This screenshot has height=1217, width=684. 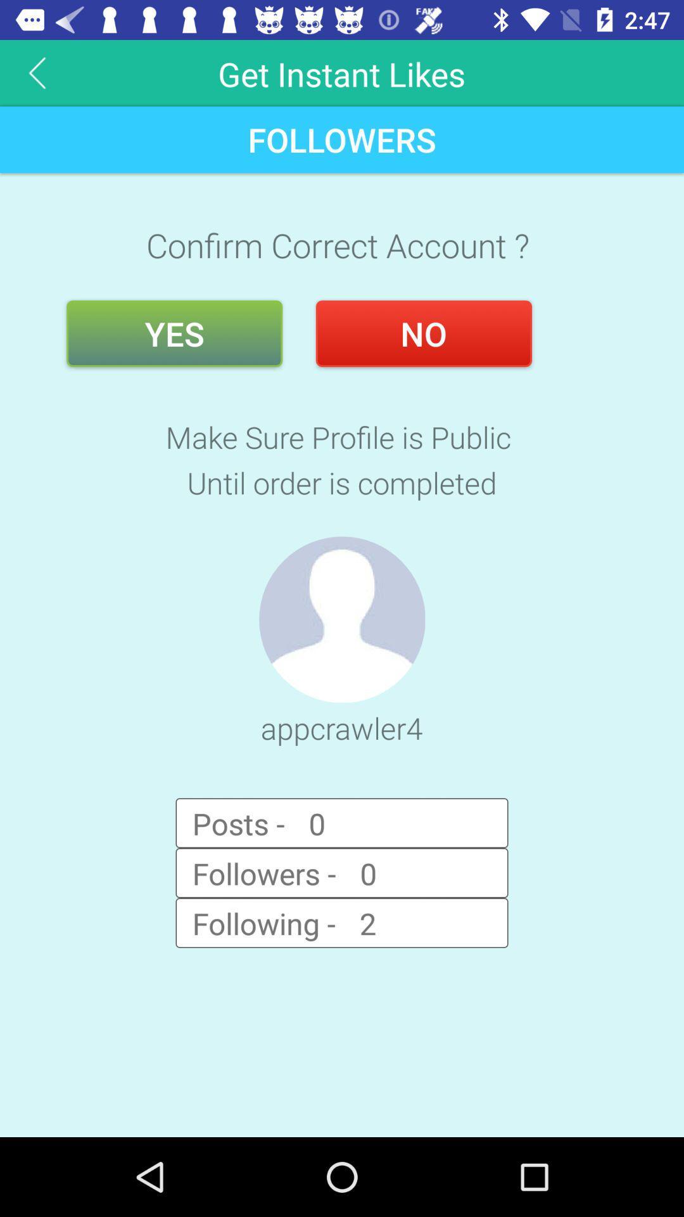 I want to click on app above the make sure profile item, so click(x=174, y=333).